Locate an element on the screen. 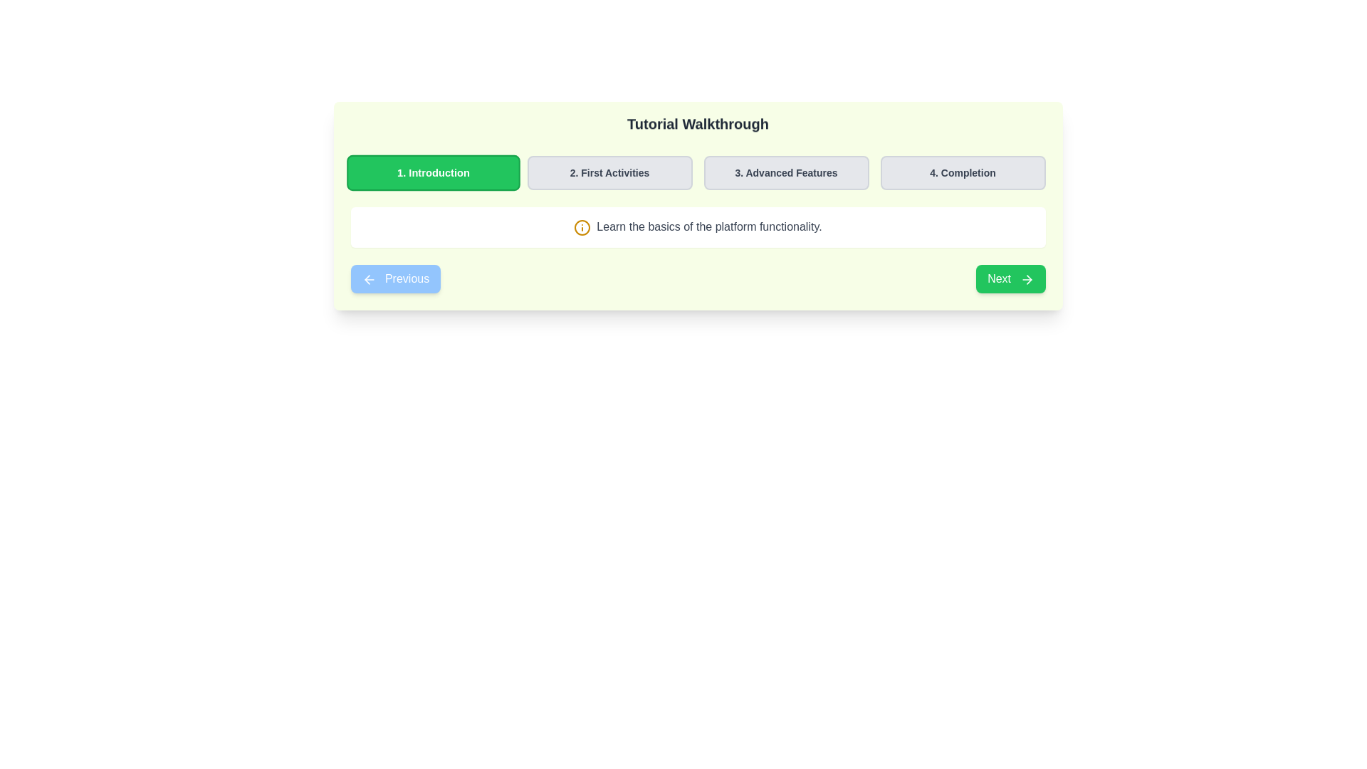 The height and width of the screenshot is (769, 1367). the circular graphical element with a prominent outline, which is part of an icon located to the left of the text 'Learn the basics of the platform functionality.' is located at coordinates (582, 226).